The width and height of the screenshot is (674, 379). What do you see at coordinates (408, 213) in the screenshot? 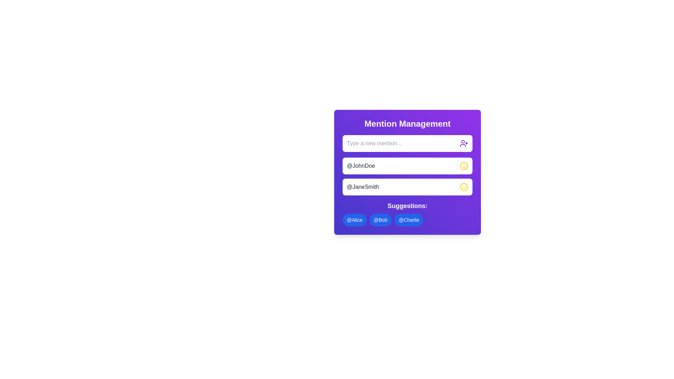
I see `the suggestion button labeled '@Charlie' located within the 'Mention Management' card` at bounding box center [408, 213].